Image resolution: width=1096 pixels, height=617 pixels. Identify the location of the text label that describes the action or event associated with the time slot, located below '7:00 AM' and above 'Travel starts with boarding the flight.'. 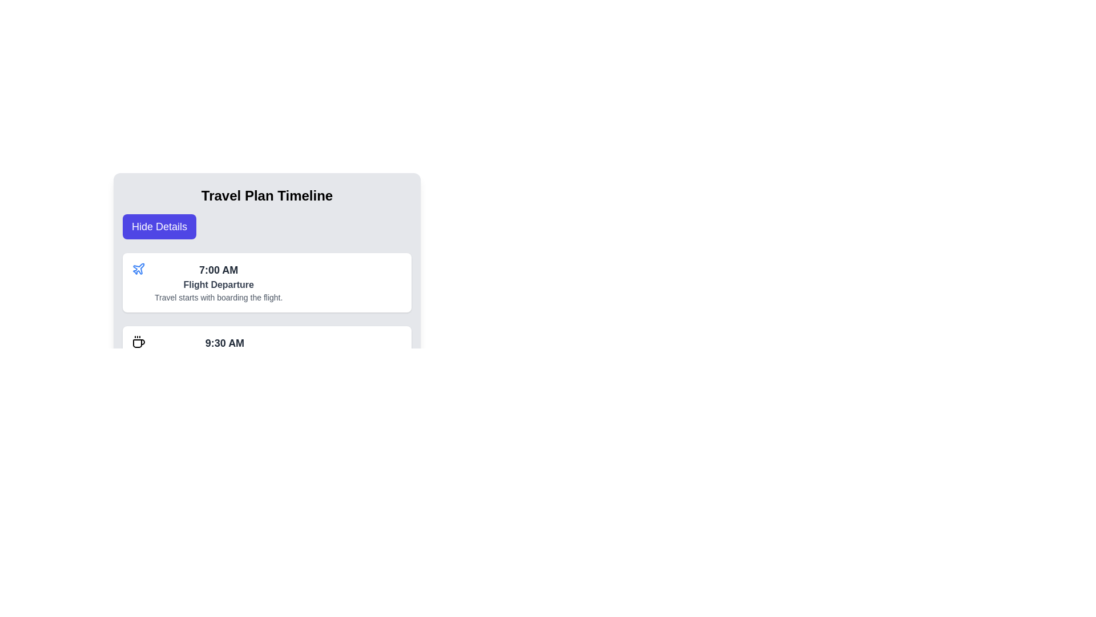
(219, 284).